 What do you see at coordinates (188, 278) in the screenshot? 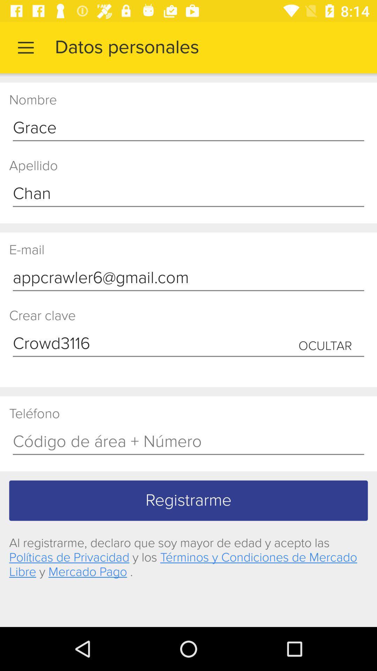
I see `the icon below the e-mail` at bounding box center [188, 278].